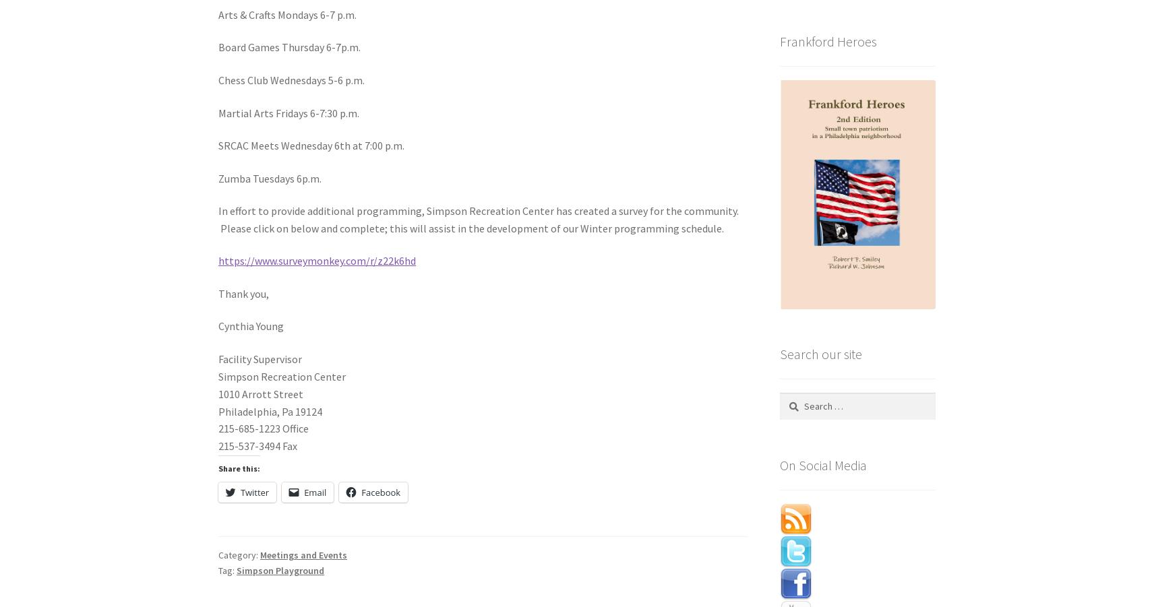 The height and width of the screenshot is (607, 1154). Describe the element at coordinates (218, 570) in the screenshot. I see `'Tag:'` at that location.